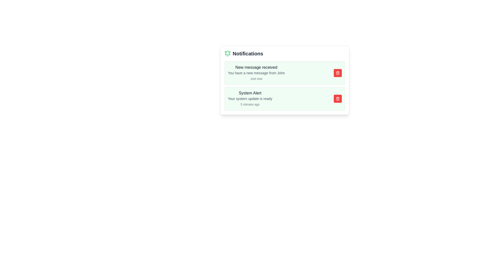 This screenshot has height=272, width=484. What do you see at coordinates (256, 73) in the screenshot?
I see `the text label that displays additional information about the notification, located beneath the title 'New message received' and above the timestamp 'Just now'` at bounding box center [256, 73].